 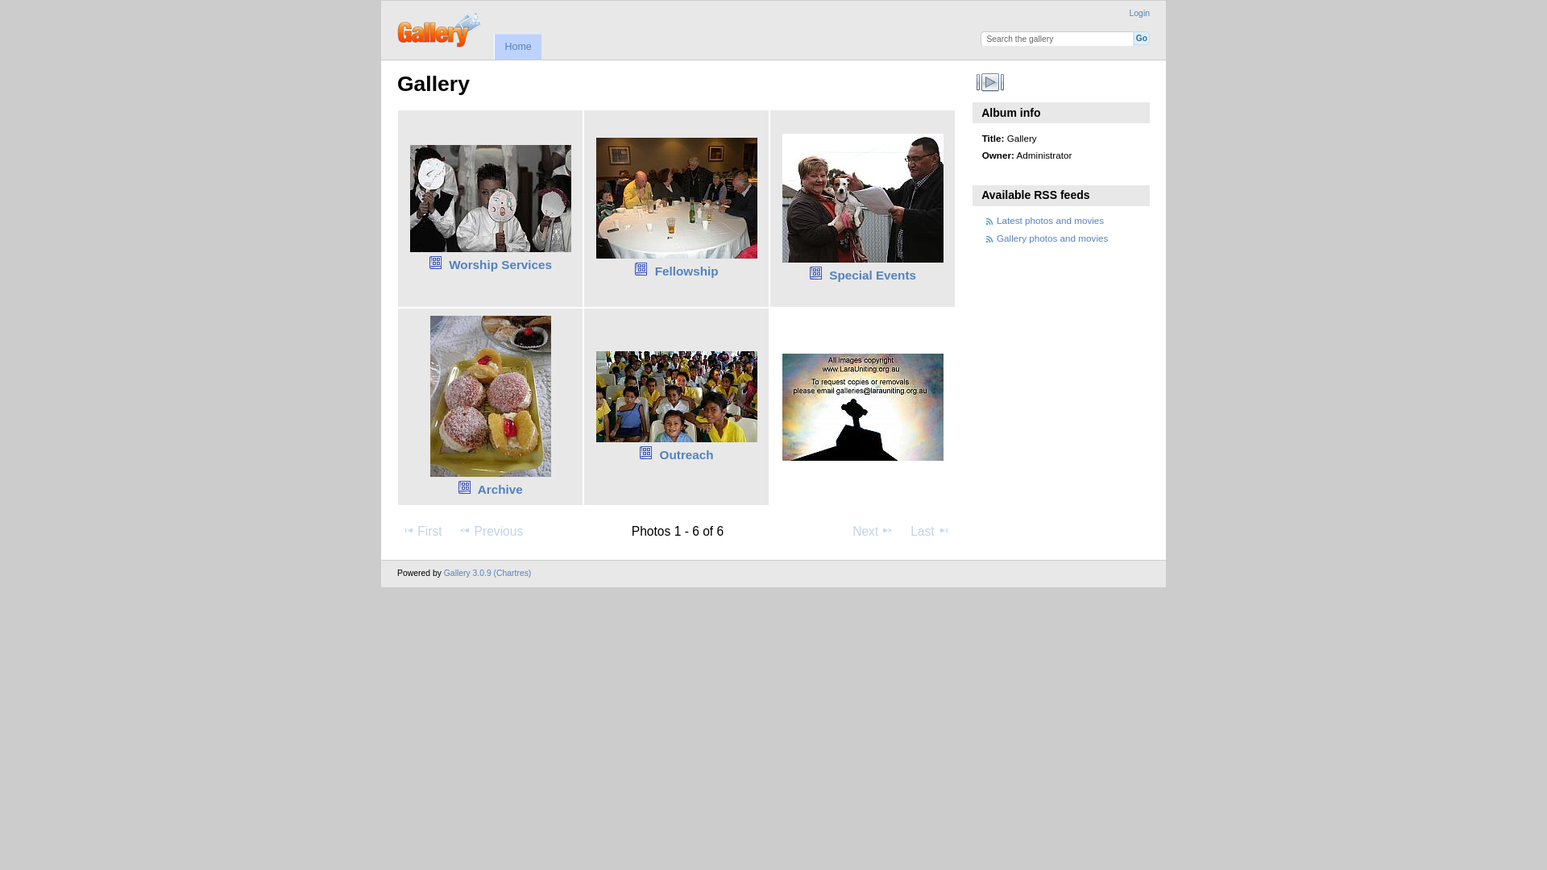 I want to click on 'First', so click(x=421, y=531).